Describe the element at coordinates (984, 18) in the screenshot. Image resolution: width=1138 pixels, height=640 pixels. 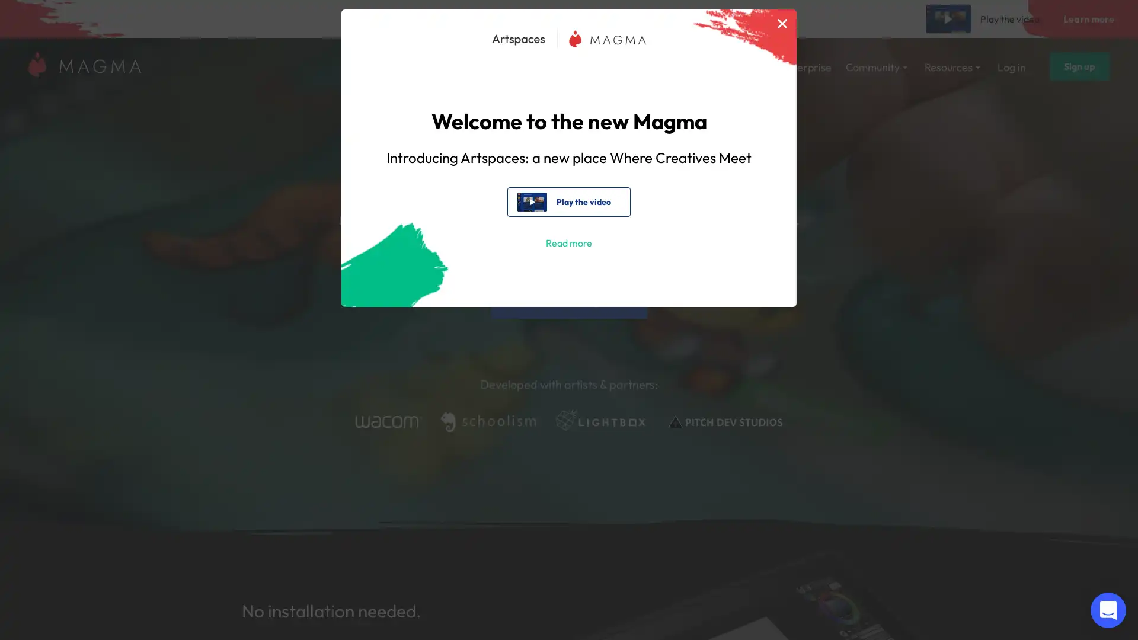
I see `Play the video` at that location.